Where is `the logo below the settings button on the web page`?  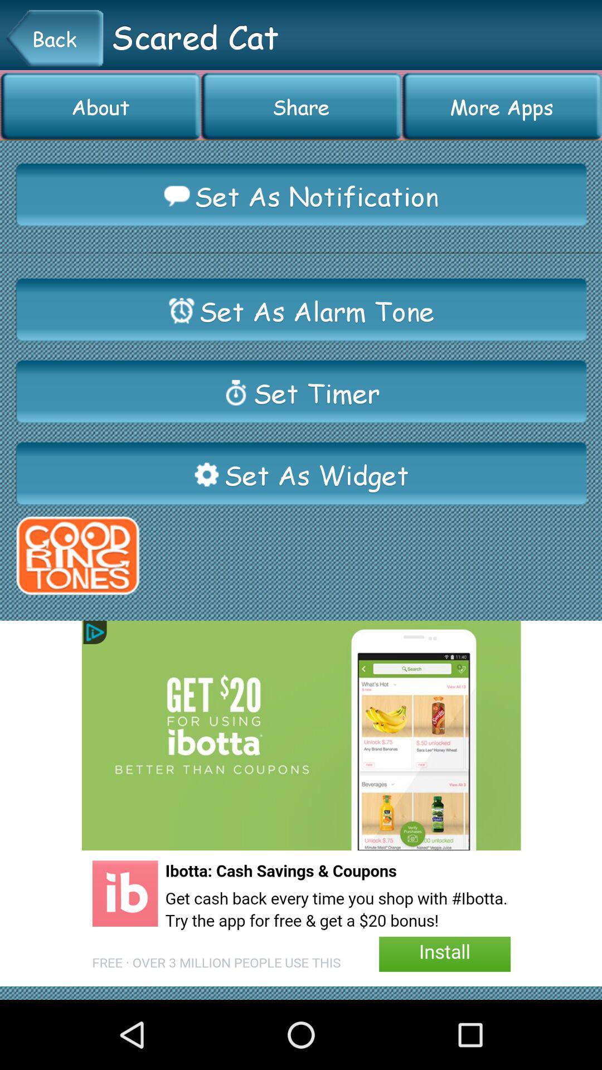 the logo below the settings button on the web page is located at coordinates (77, 556).